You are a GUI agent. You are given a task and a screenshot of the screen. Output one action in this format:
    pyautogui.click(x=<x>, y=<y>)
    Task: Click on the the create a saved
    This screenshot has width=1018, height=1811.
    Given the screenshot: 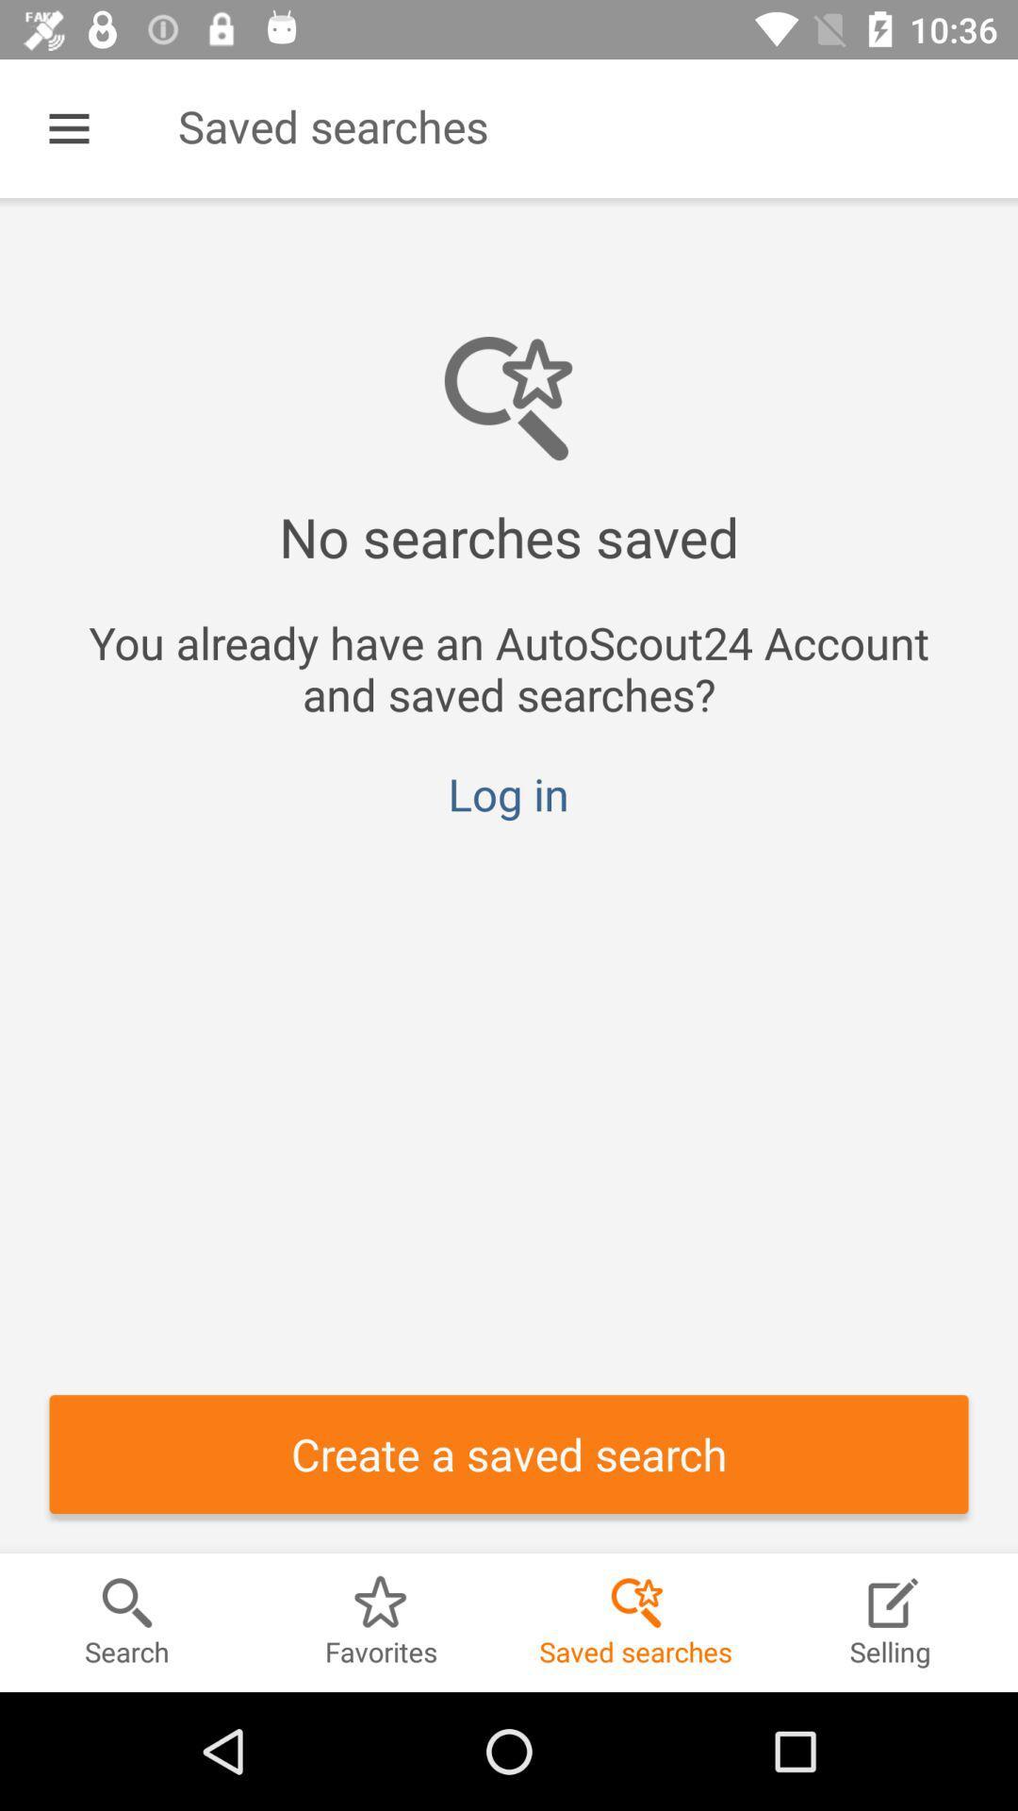 What is the action you would take?
    pyautogui.click(x=509, y=1453)
    